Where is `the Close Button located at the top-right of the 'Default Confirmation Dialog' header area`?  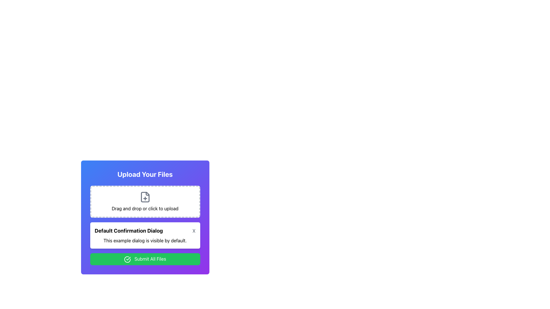
the Close Button located at the top-right of the 'Default Confirmation Dialog' header area is located at coordinates (194, 230).